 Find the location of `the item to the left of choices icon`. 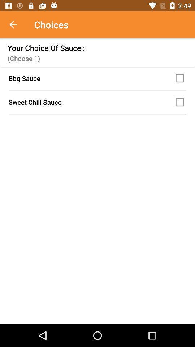

the item to the left of choices icon is located at coordinates (17, 25).